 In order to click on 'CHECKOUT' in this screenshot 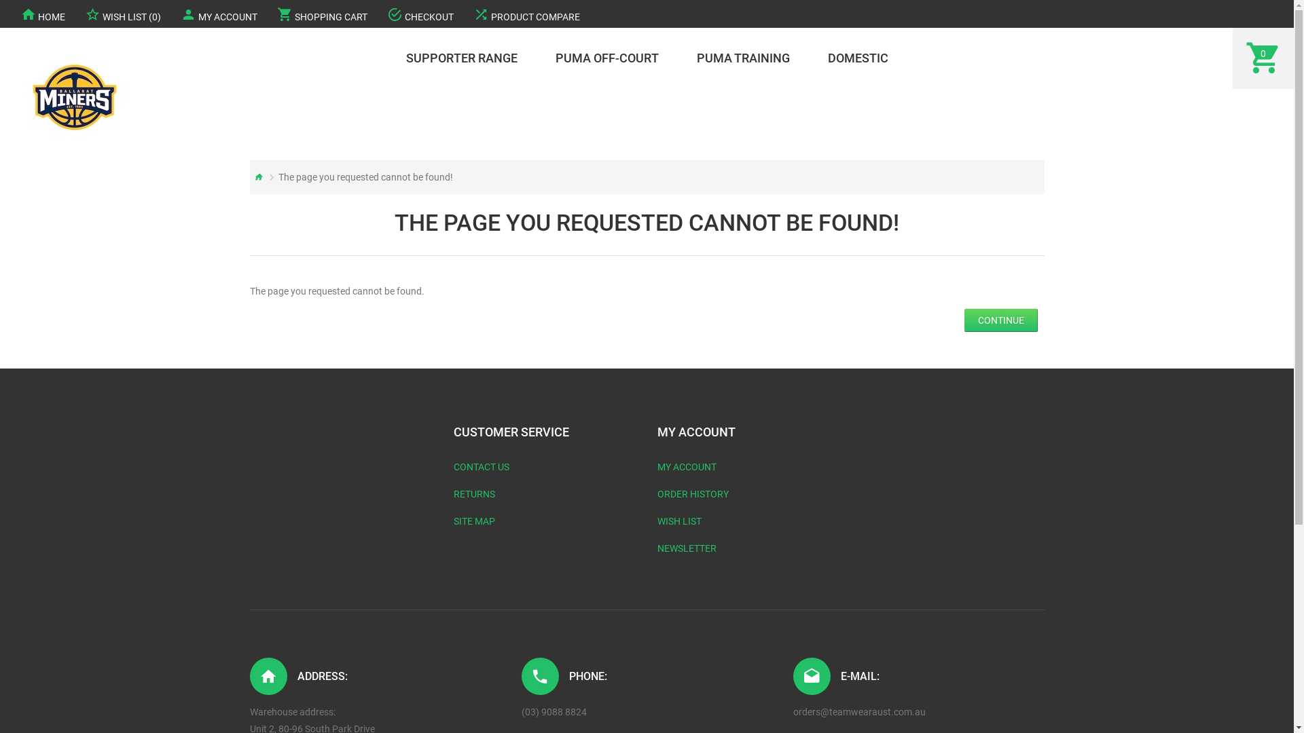, I will do `click(420, 14)`.